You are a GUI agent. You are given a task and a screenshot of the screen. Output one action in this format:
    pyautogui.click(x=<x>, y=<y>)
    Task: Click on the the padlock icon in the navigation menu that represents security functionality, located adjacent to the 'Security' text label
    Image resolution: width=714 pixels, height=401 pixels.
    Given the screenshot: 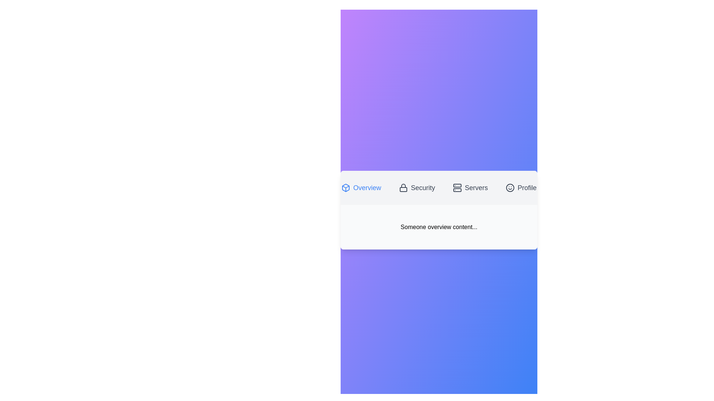 What is the action you would take?
    pyautogui.click(x=403, y=187)
    